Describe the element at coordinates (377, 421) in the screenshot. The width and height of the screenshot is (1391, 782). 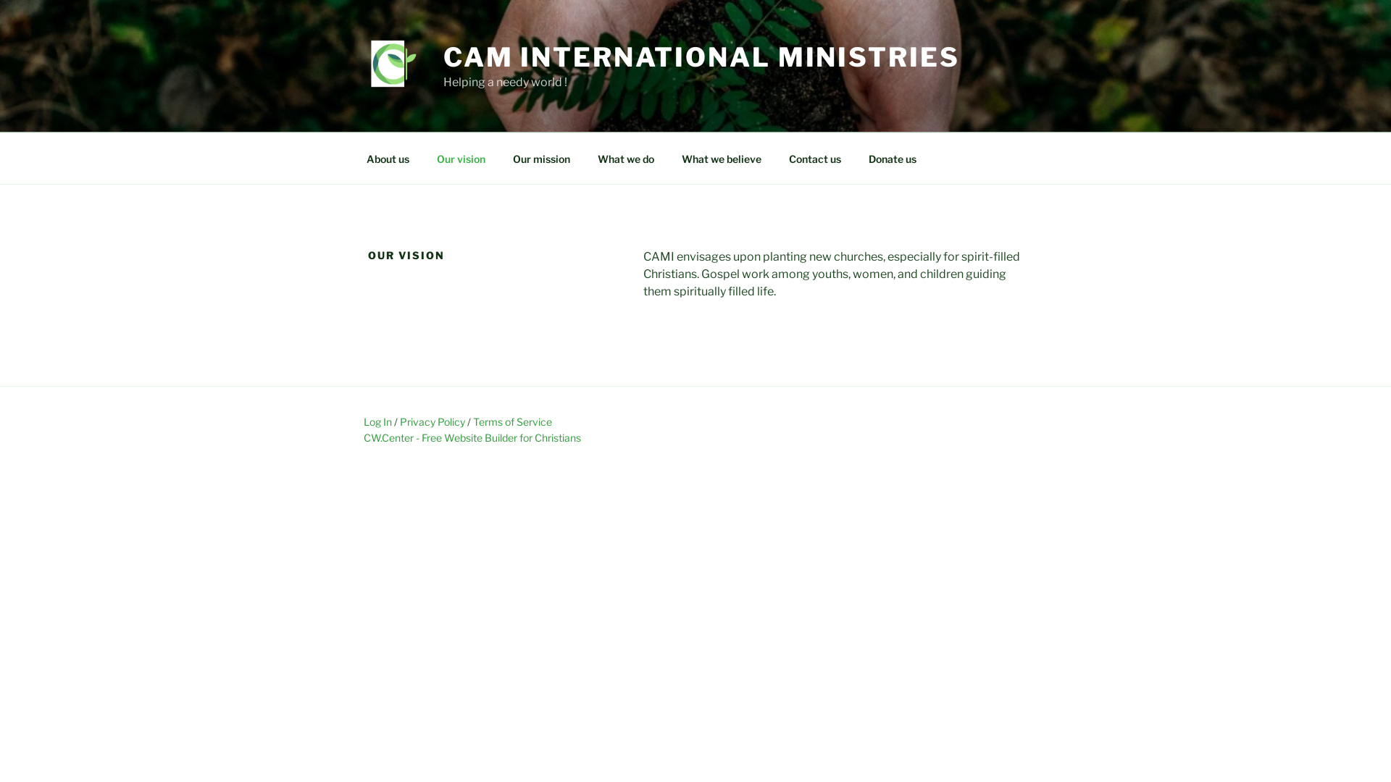
I see `'Log In'` at that location.